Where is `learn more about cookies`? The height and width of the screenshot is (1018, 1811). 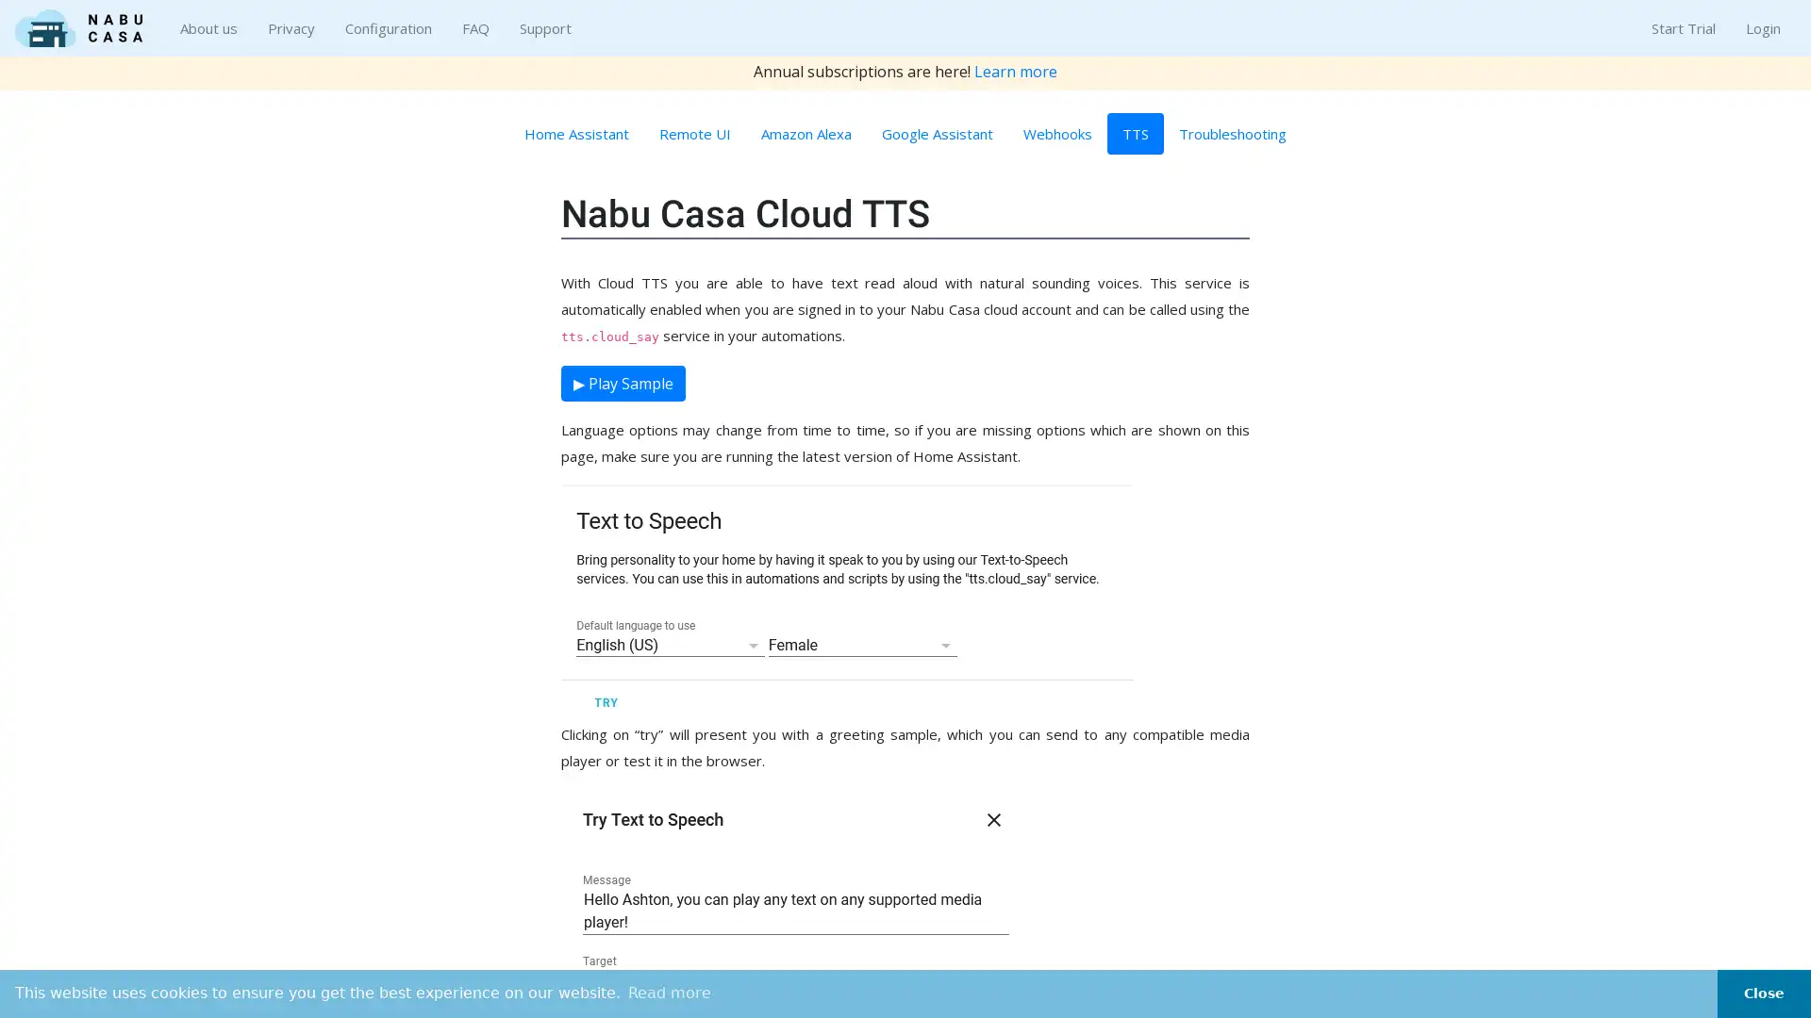 learn more about cookies is located at coordinates (670, 992).